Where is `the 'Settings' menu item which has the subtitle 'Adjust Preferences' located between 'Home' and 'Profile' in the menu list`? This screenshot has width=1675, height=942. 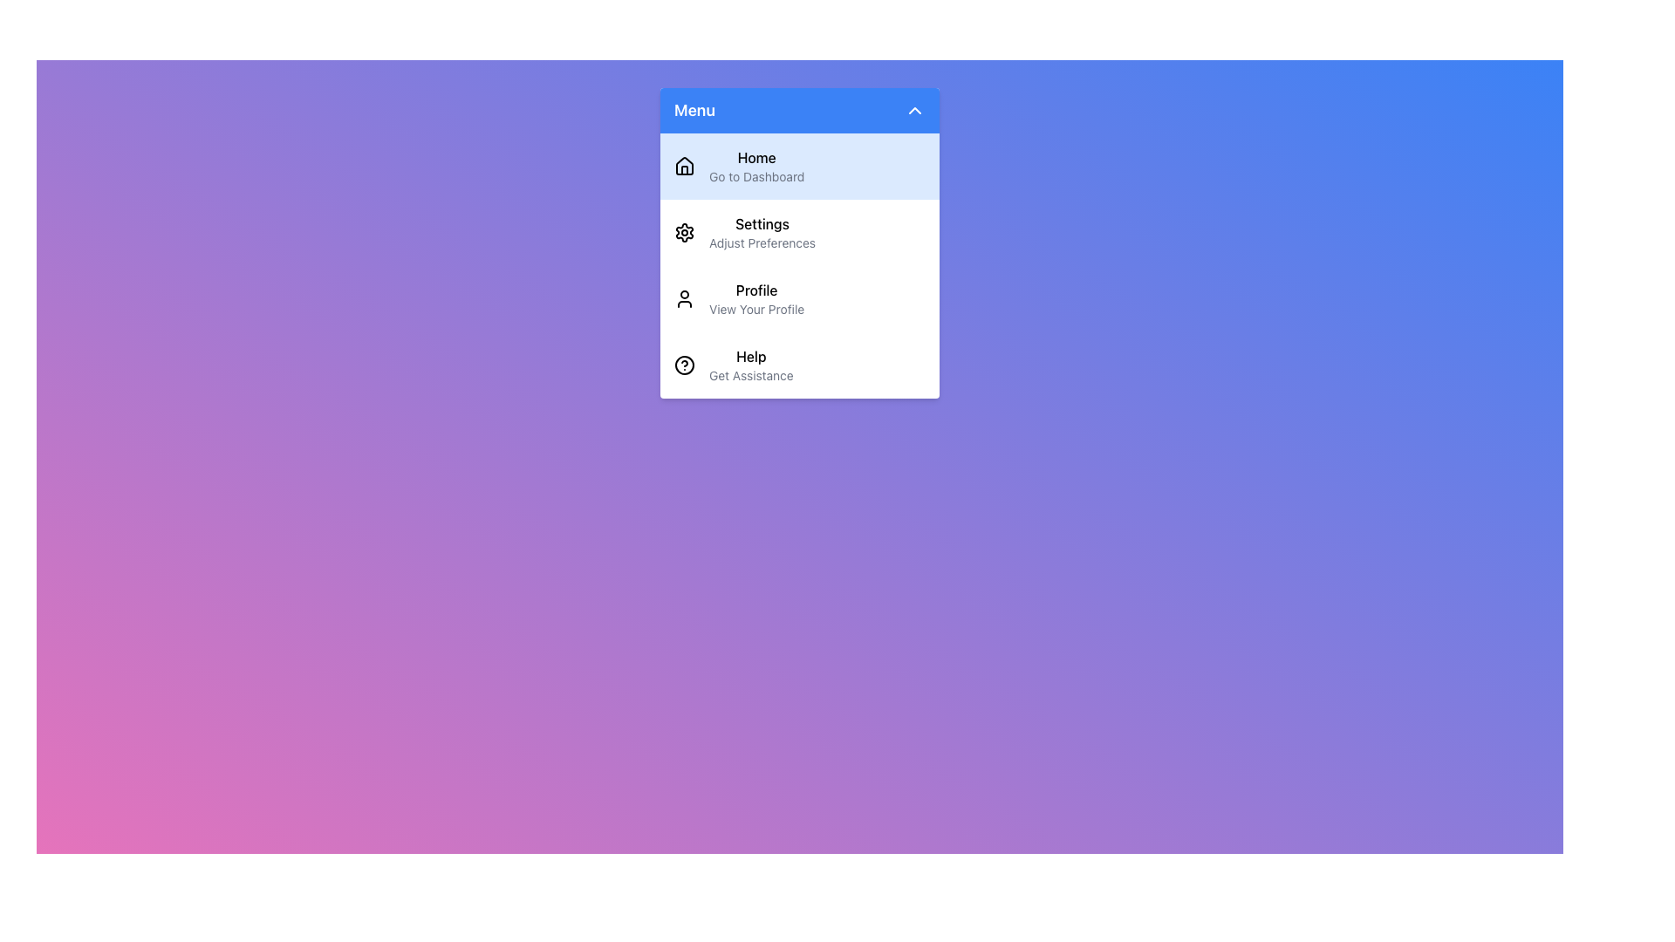 the 'Settings' menu item which has the subtitle 'Adjust Preferences' located between 'Home' and 'Profile' in the menu list is located at coordinates (762, 231).